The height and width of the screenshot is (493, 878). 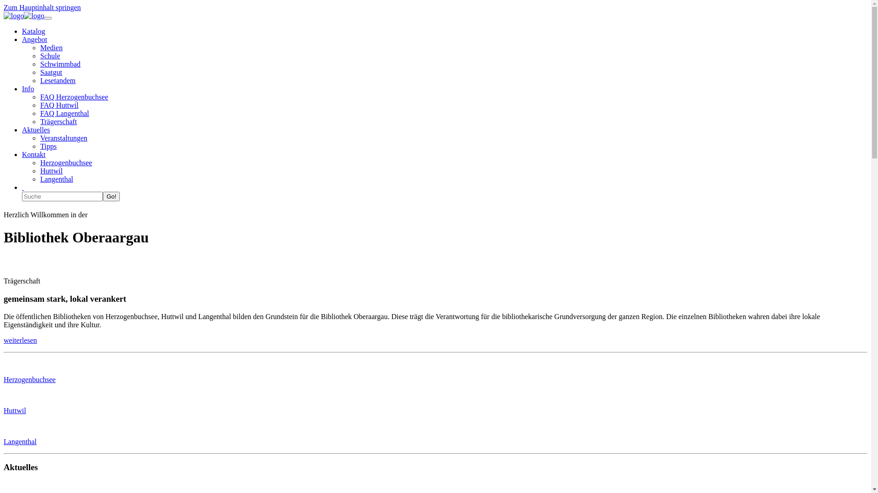 I want to click on 'Info', so click(x=22, y=89).